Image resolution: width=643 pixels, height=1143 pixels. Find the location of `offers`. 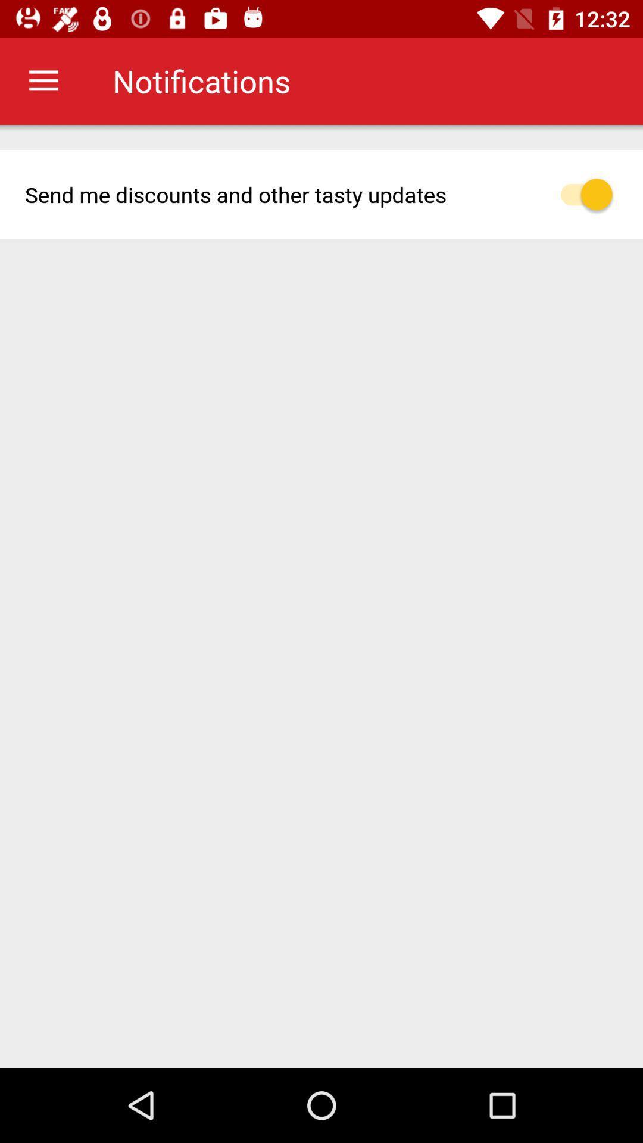

offers is located at coordinates (593, 194).